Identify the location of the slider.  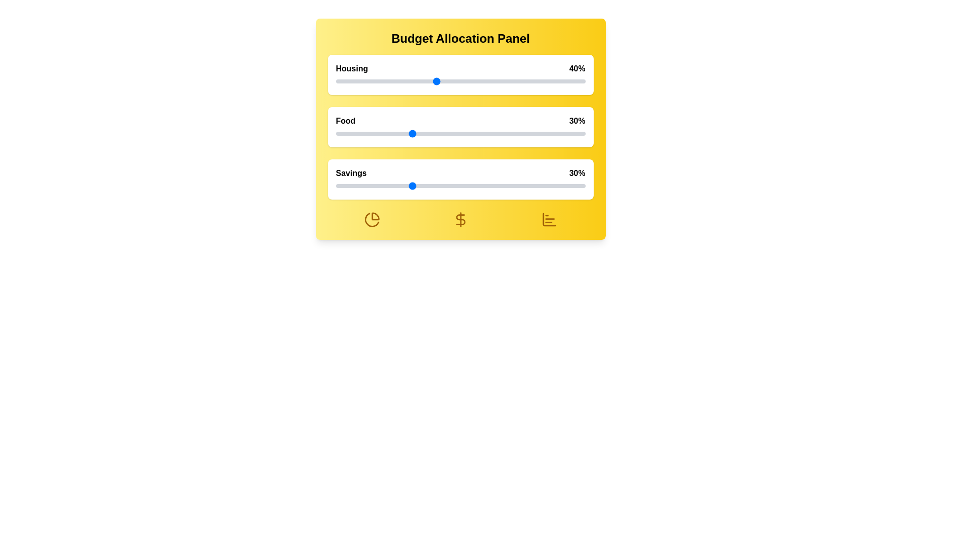
(370, 186).